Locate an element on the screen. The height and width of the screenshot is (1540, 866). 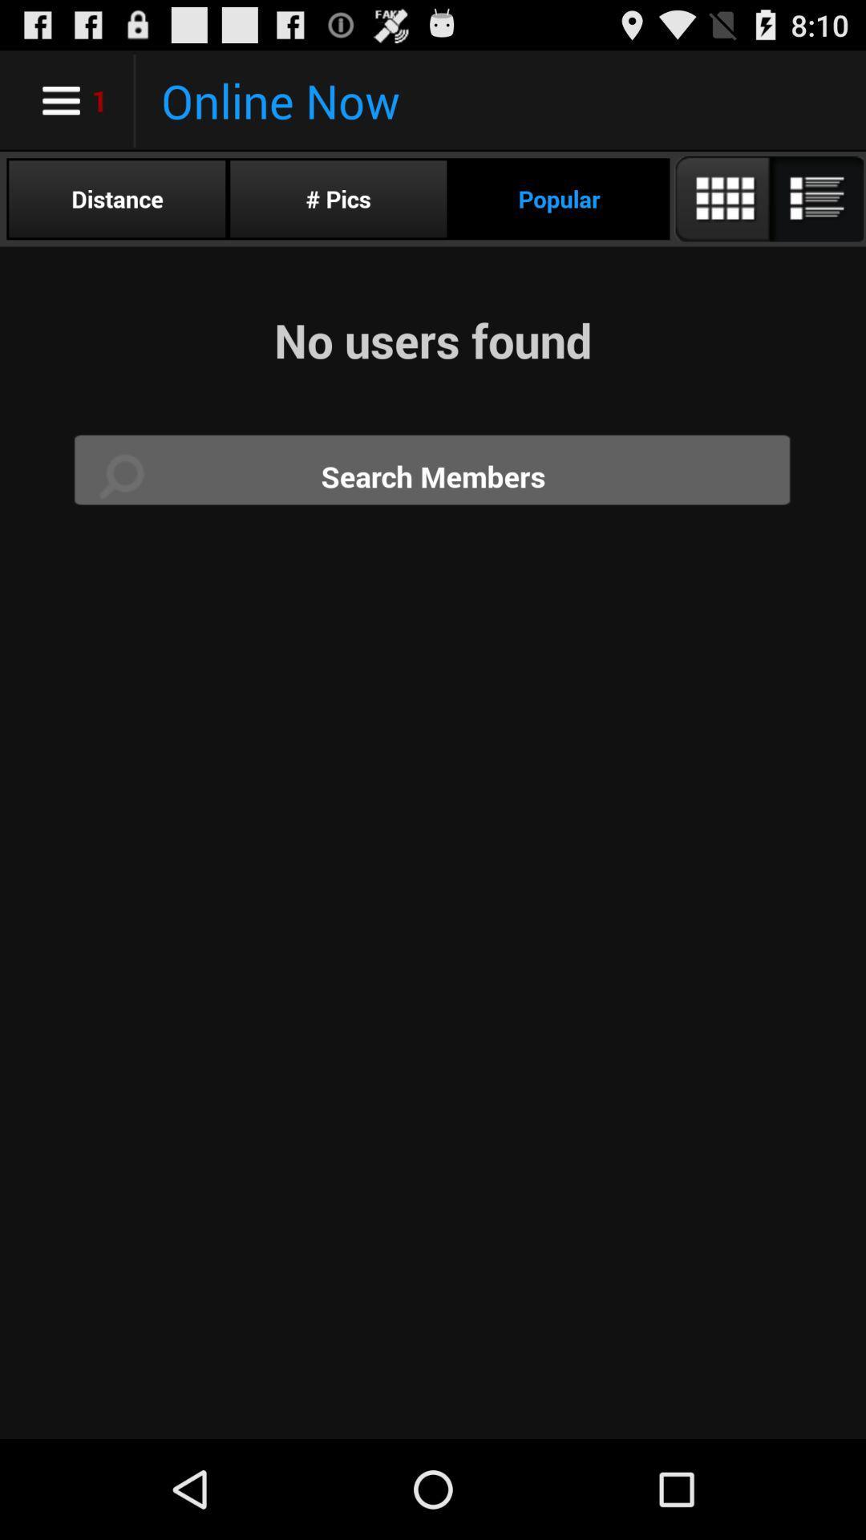
search box is located at coordinates (433, 476).